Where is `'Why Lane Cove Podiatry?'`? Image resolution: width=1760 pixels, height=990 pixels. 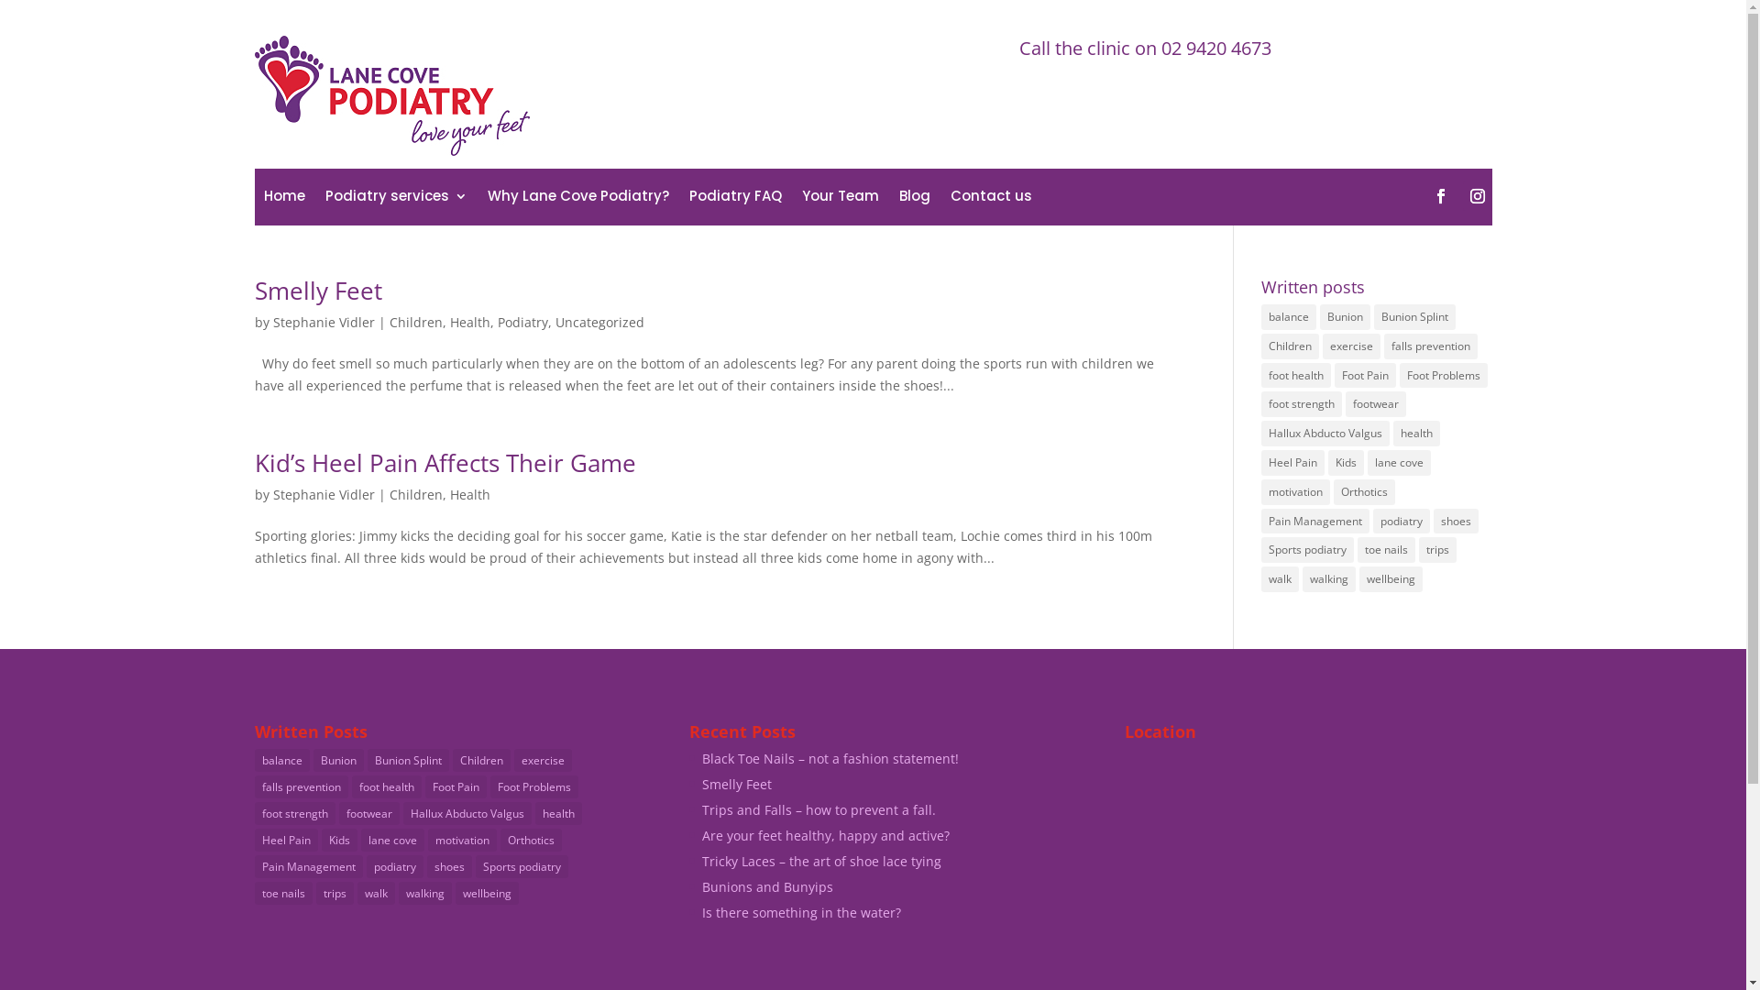 'Why Lane Cove Podiatry?' is located at coordinates (488, 200).